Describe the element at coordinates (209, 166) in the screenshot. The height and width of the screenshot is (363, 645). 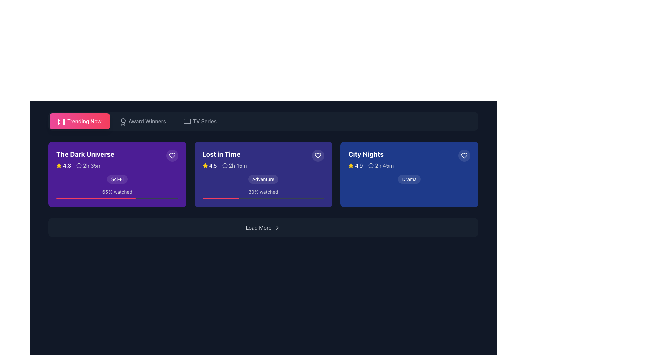
I see `the Rating indicator for the card titled 'Lost in Time', located next to the duration text '2h 15m'` at that location.